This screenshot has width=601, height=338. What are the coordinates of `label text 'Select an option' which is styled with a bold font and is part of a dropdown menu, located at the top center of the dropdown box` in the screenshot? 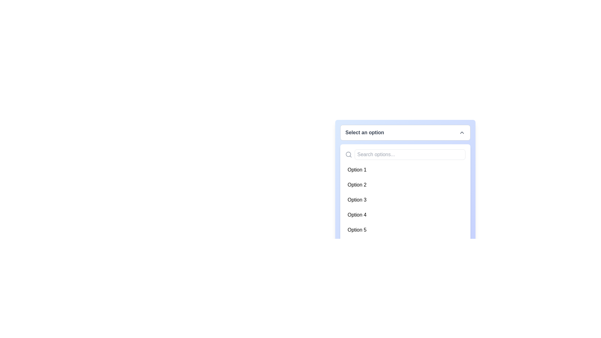 It's located at (365, 132).